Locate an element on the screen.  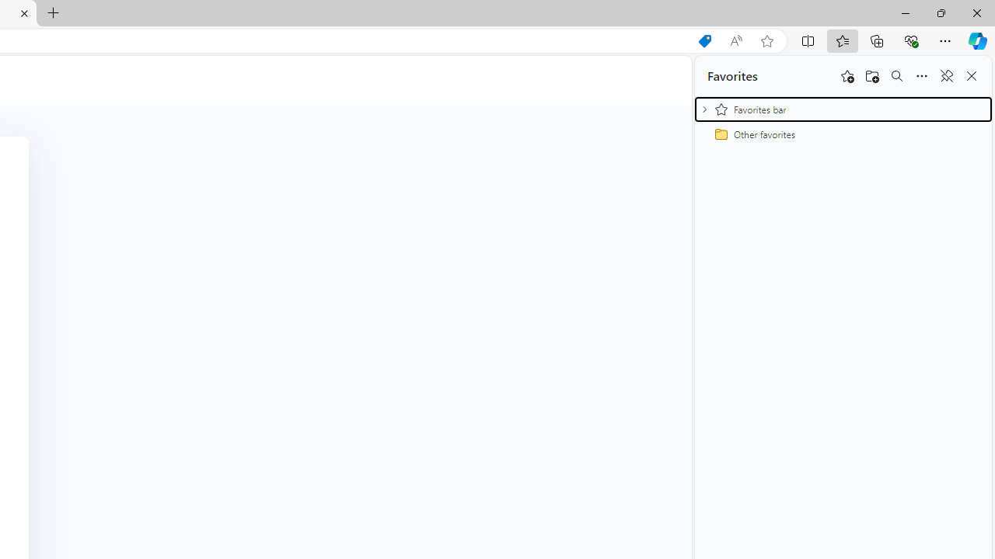
'Close favorites' is located at coordinates (971, 76).